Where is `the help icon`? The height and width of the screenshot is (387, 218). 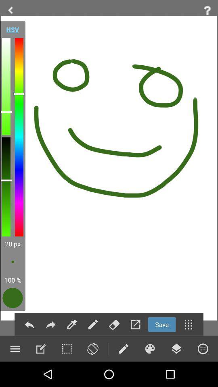 the help icon is located at coordinates (207, 10).